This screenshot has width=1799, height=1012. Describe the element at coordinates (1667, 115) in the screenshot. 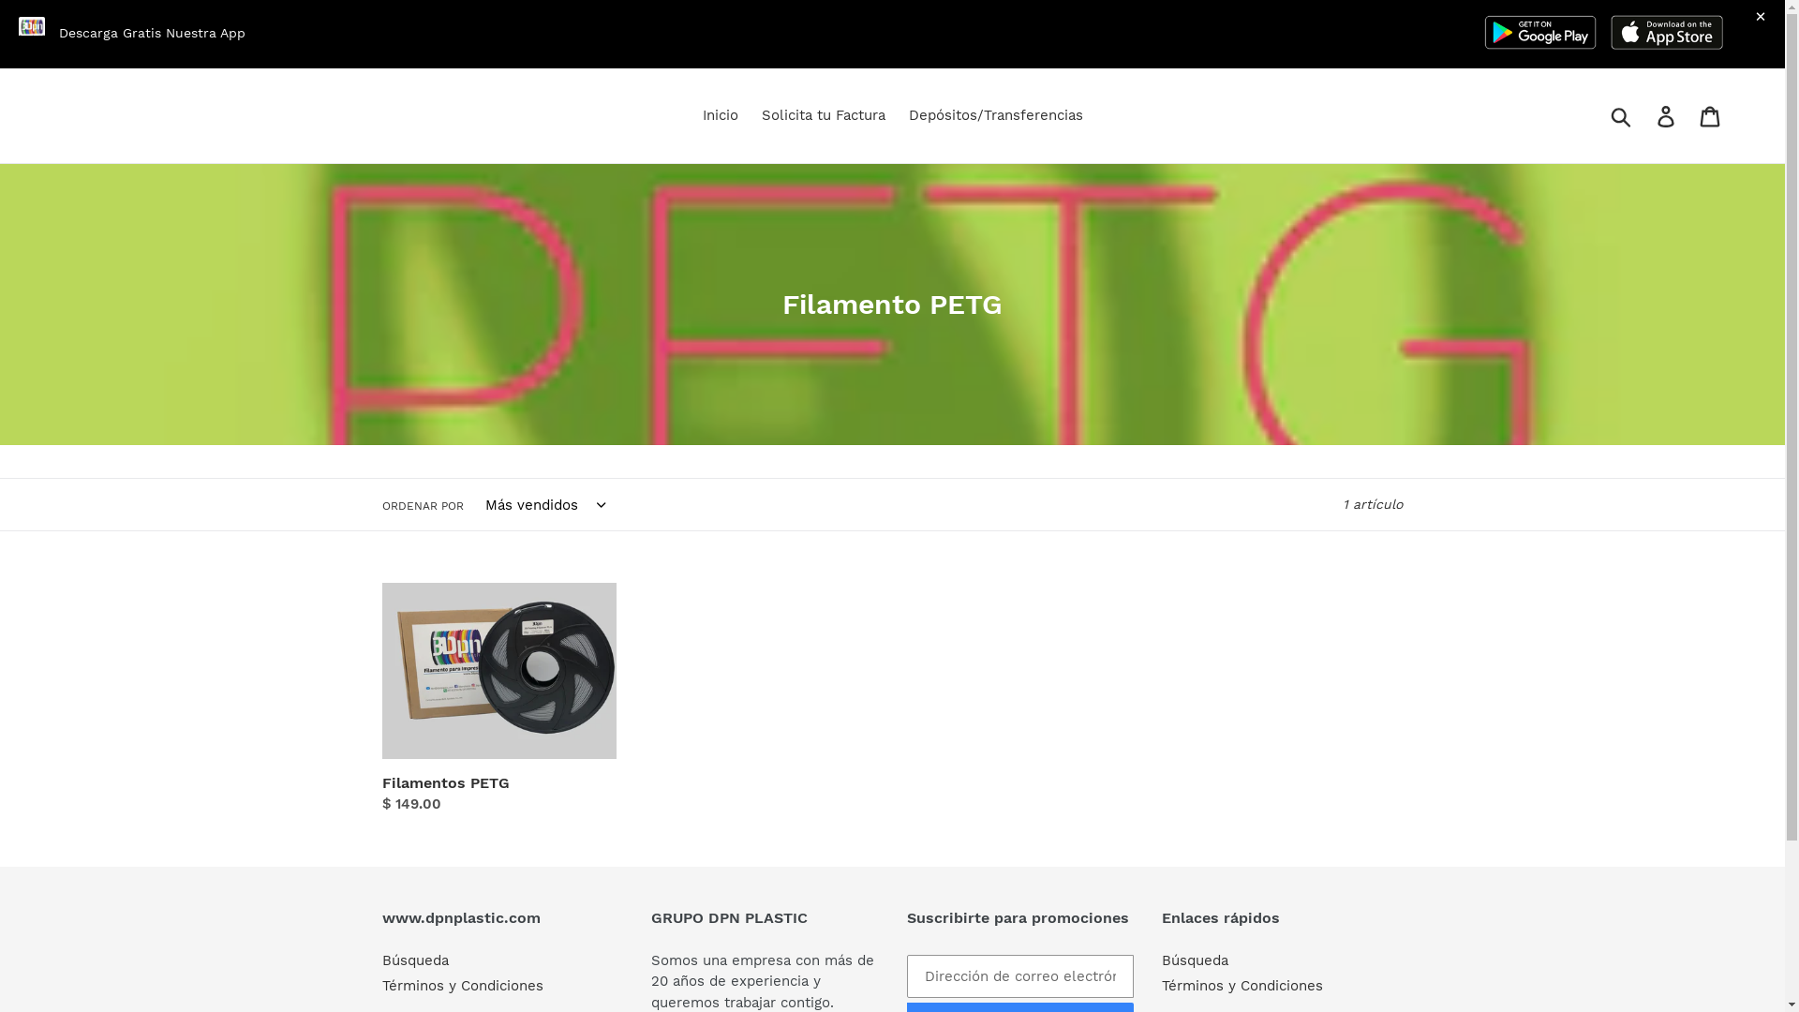

I see `'Ingresar'` at that location.